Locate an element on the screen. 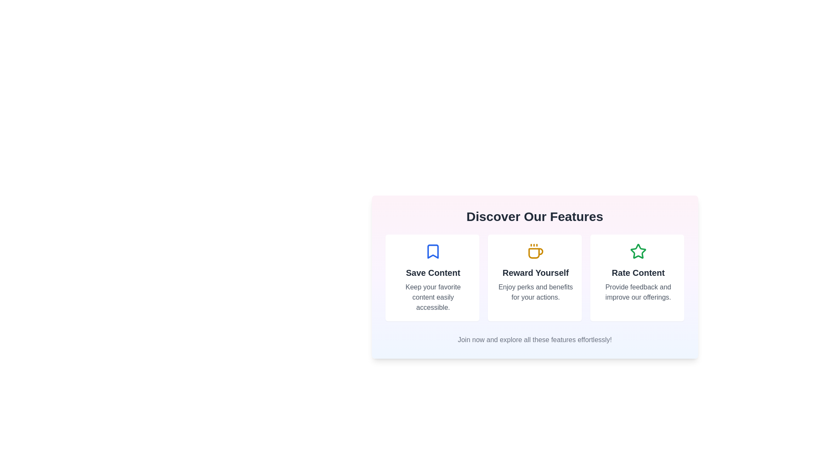 The width and height of the screenshot is (816, 459). the text label that reads 'Keep your favorite content easily accessible.' located under the 'Save Content' heading is located at coordinates (433, 297).